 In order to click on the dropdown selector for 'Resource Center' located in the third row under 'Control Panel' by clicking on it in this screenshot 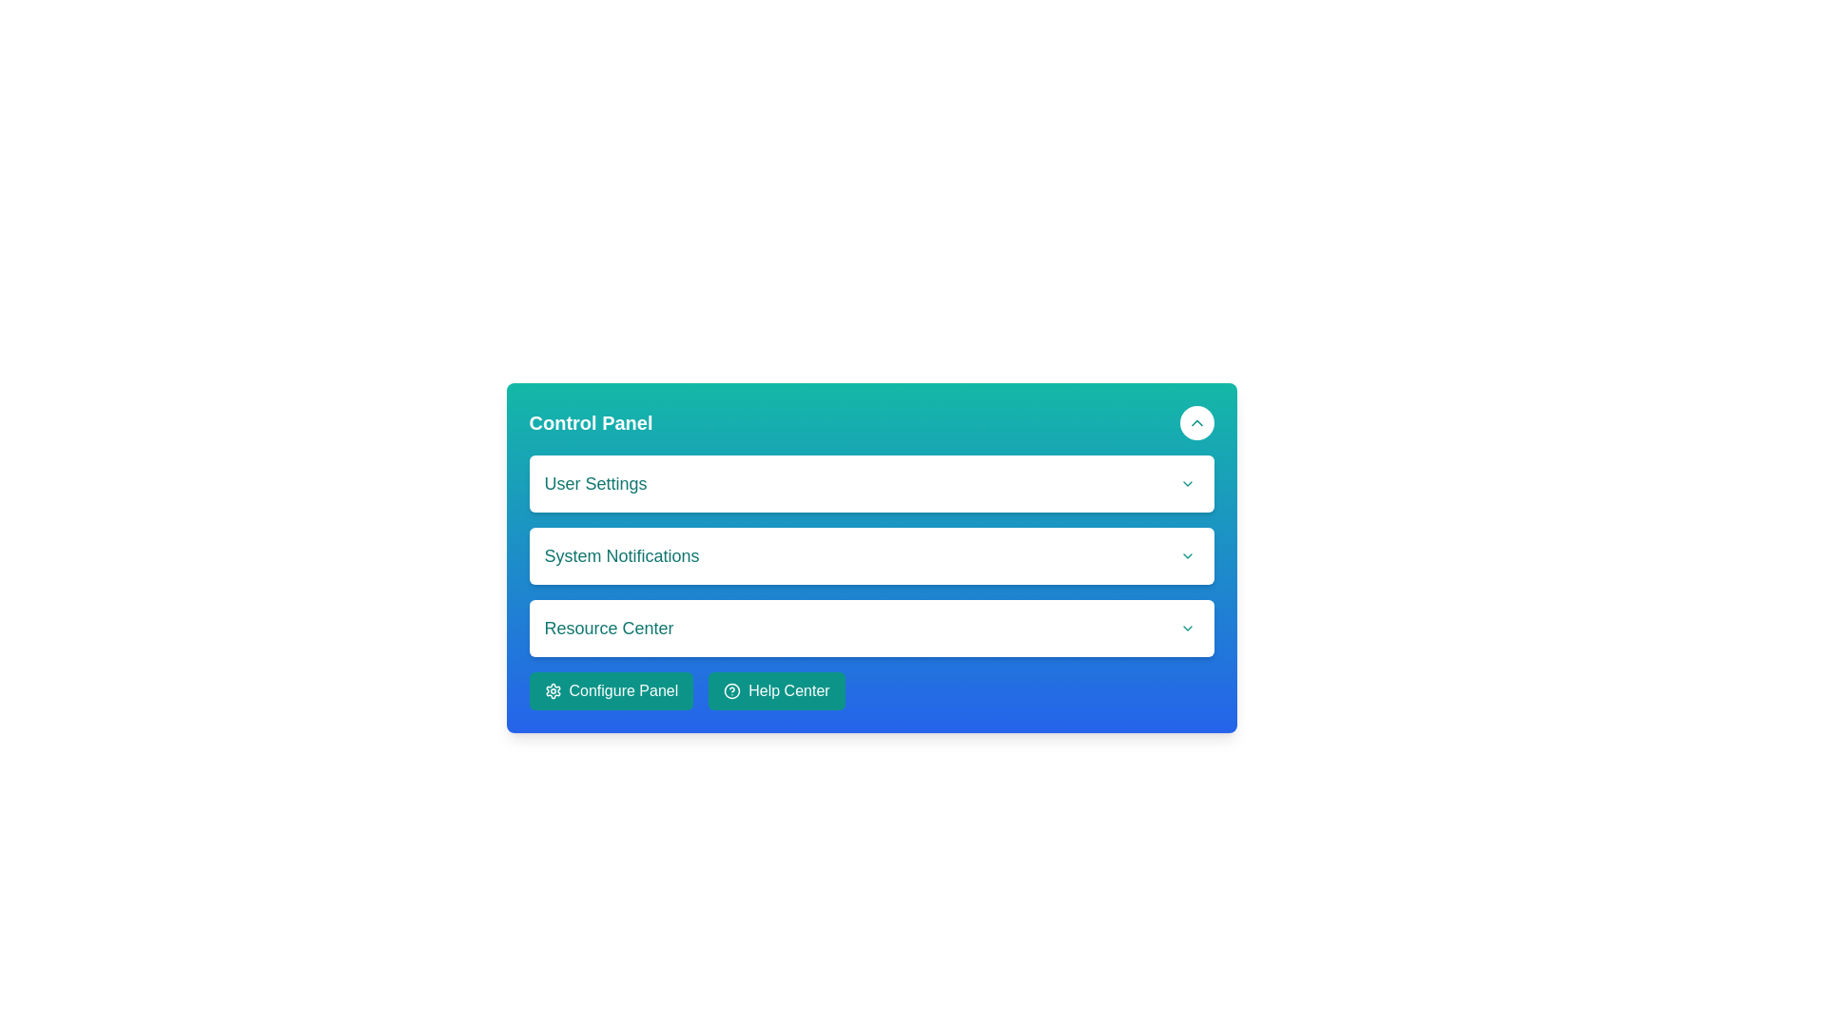, I will do `click(870, 628)`.